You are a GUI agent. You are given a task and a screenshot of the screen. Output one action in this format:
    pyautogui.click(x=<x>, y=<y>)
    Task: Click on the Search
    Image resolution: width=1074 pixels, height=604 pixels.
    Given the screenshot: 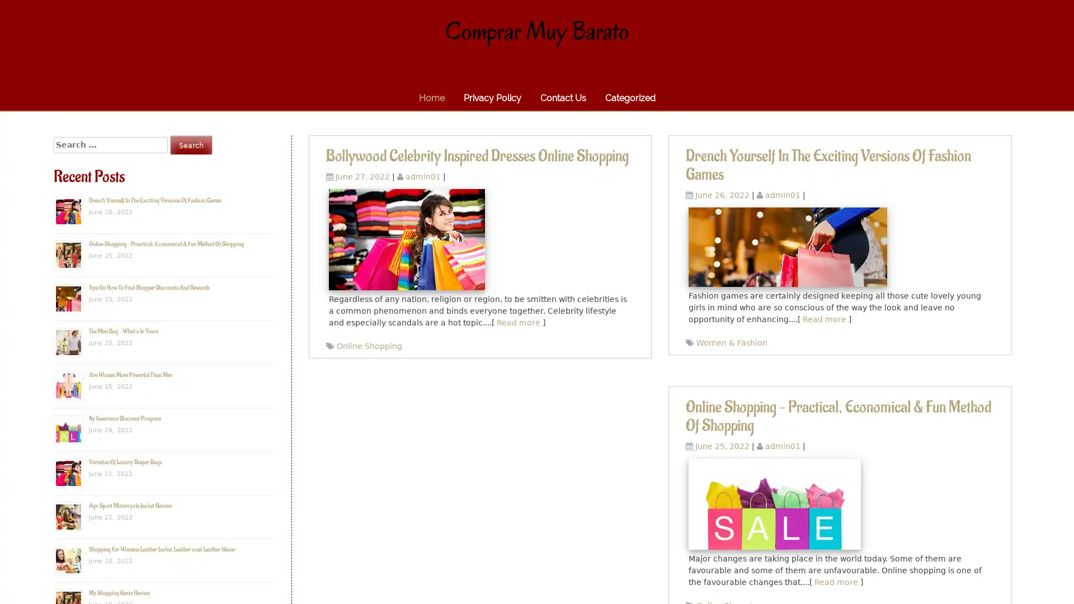 What is the action you would take?
    pyautogui.click(x=191, y=144)
    